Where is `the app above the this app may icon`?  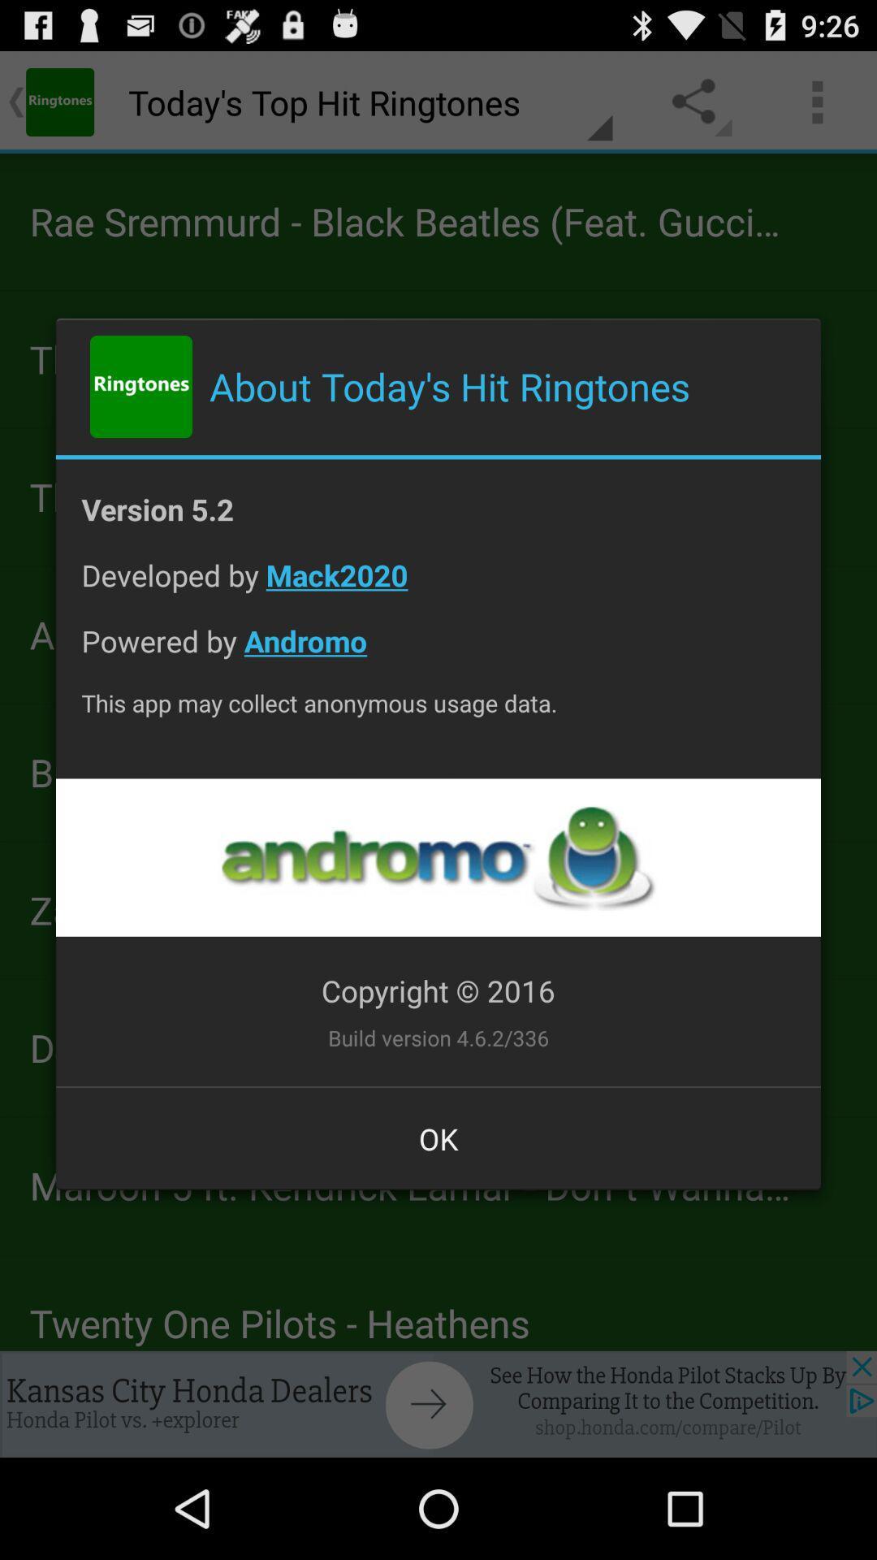
the app above the this app may icon is located at coordinates (438, 653).